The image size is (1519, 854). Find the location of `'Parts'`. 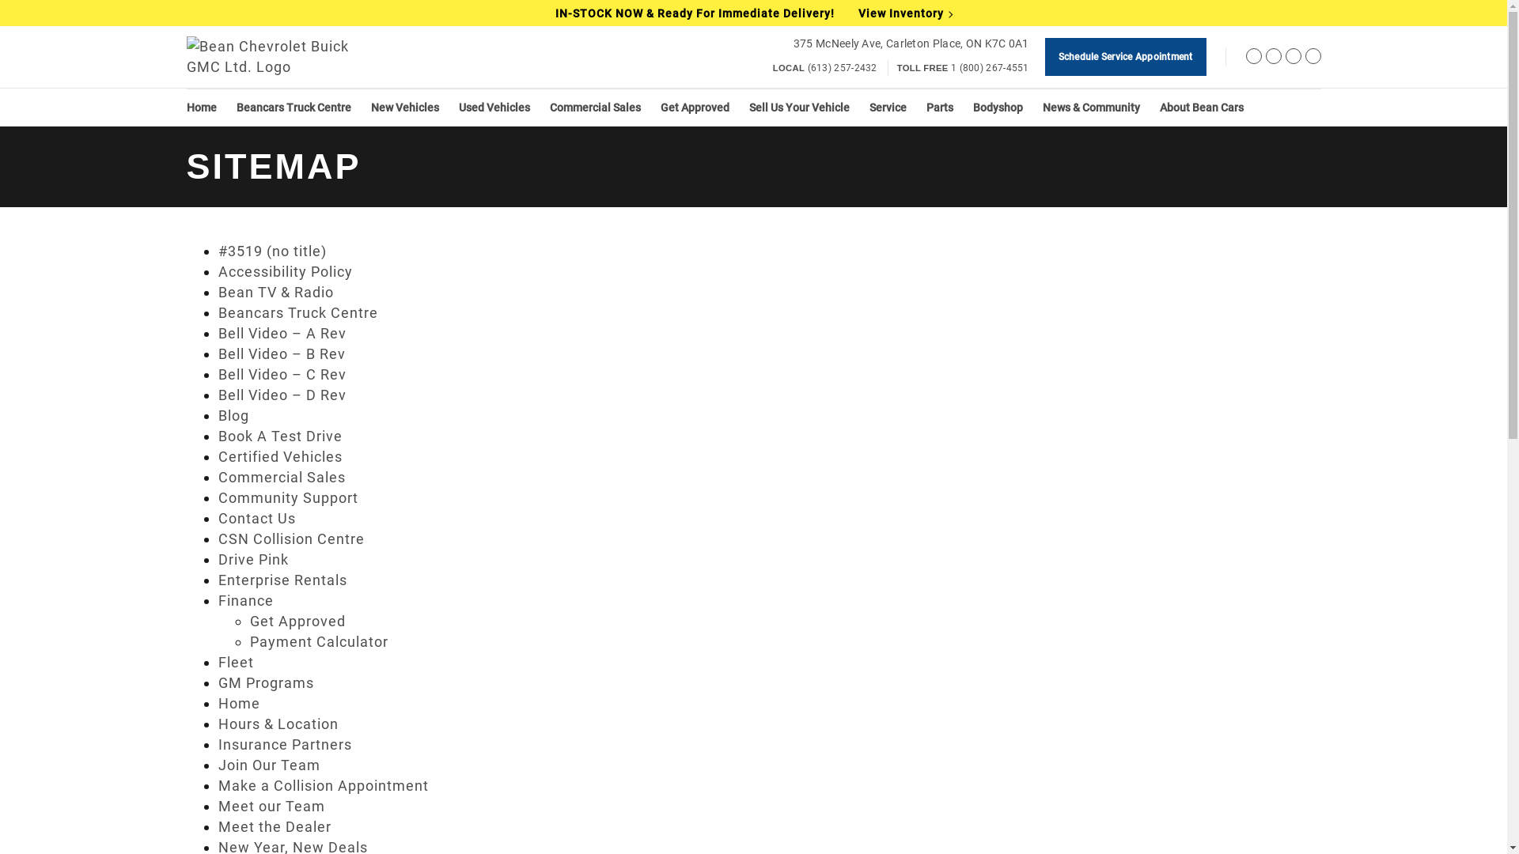

'Parts' is located at coordinates (938, 107).